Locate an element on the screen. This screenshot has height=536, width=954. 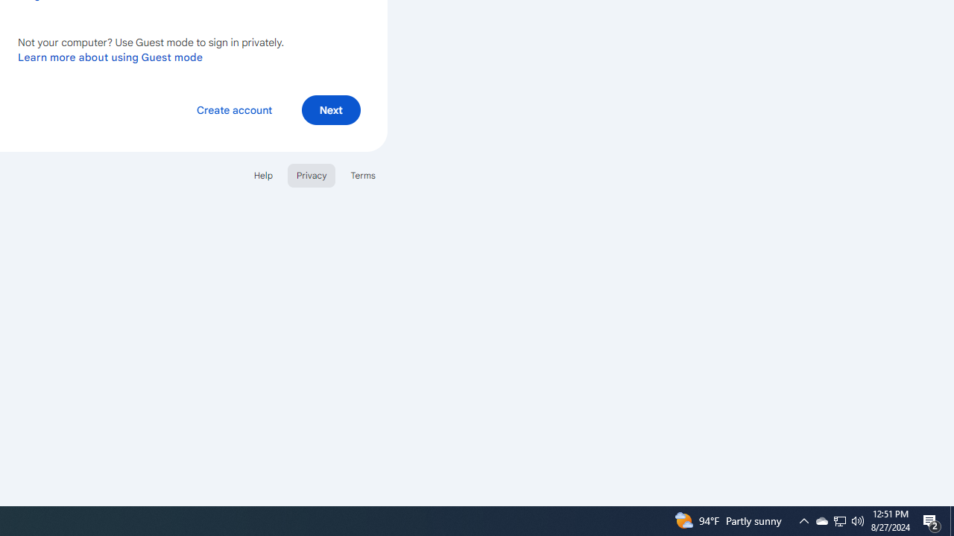
'Help' is located at coordinates (262, 174).